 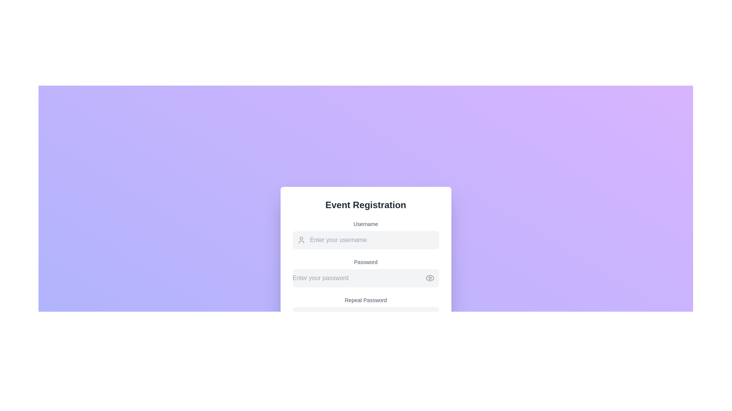 What do you see at coordinates (365, 262) in the screenshot?
I see `the label that provides context for the password input field, which is positioned above the password text field` at bounding box center [365, 262].